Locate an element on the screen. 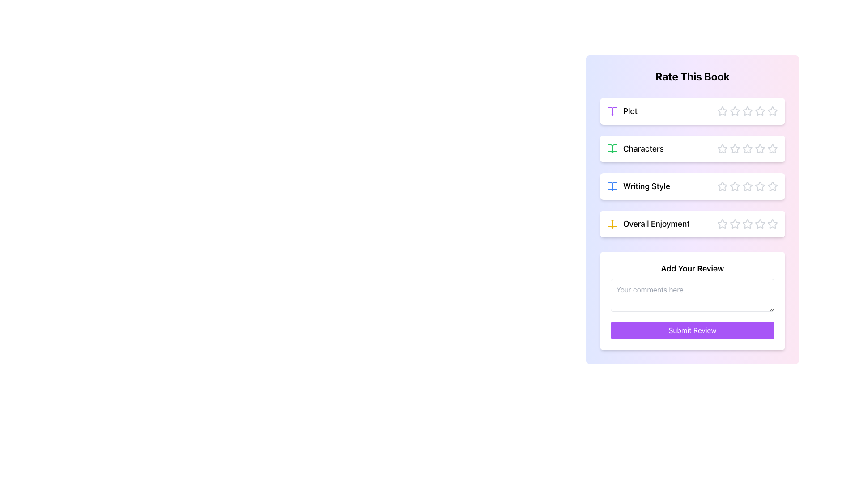 The image size is (859, 483). the second star icon in the rating section under the 'Characters' category is located at coordinates (735, 148).